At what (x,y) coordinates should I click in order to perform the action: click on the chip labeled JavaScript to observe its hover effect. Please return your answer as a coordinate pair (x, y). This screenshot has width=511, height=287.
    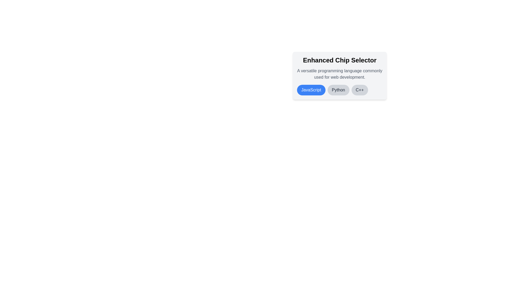
    Looking at the image, I should click on (311, 90).